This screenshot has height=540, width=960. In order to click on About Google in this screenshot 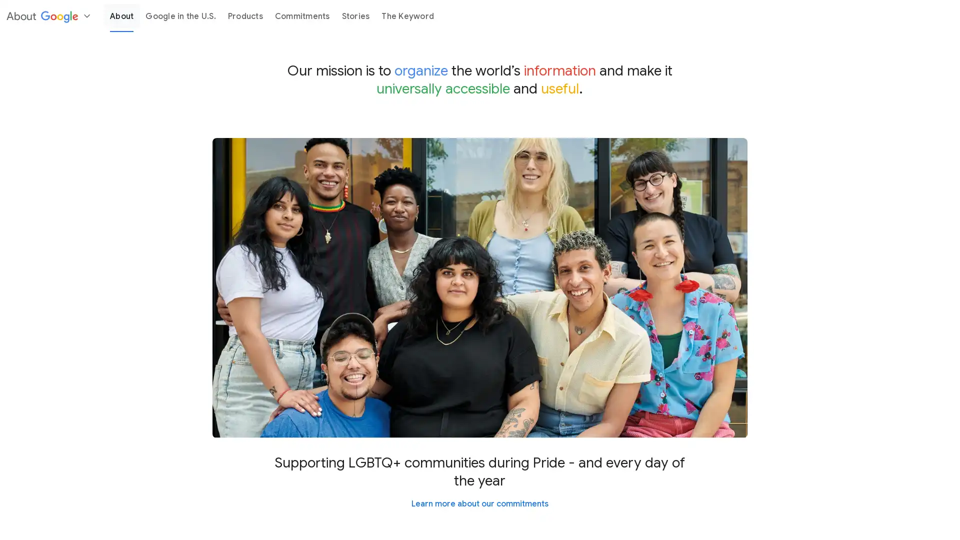, I will do `click(47, 15)`.